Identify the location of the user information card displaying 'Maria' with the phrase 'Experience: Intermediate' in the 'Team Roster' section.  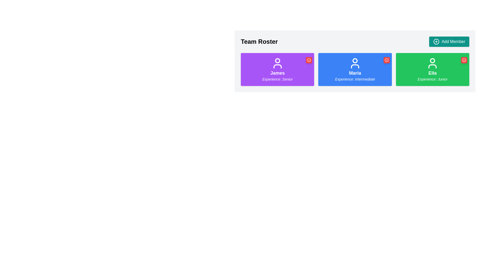
(355, 69).